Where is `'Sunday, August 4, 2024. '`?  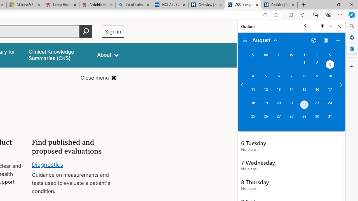
'Sunday, August 4, 2024. ' is located at coordinates (253, 78).